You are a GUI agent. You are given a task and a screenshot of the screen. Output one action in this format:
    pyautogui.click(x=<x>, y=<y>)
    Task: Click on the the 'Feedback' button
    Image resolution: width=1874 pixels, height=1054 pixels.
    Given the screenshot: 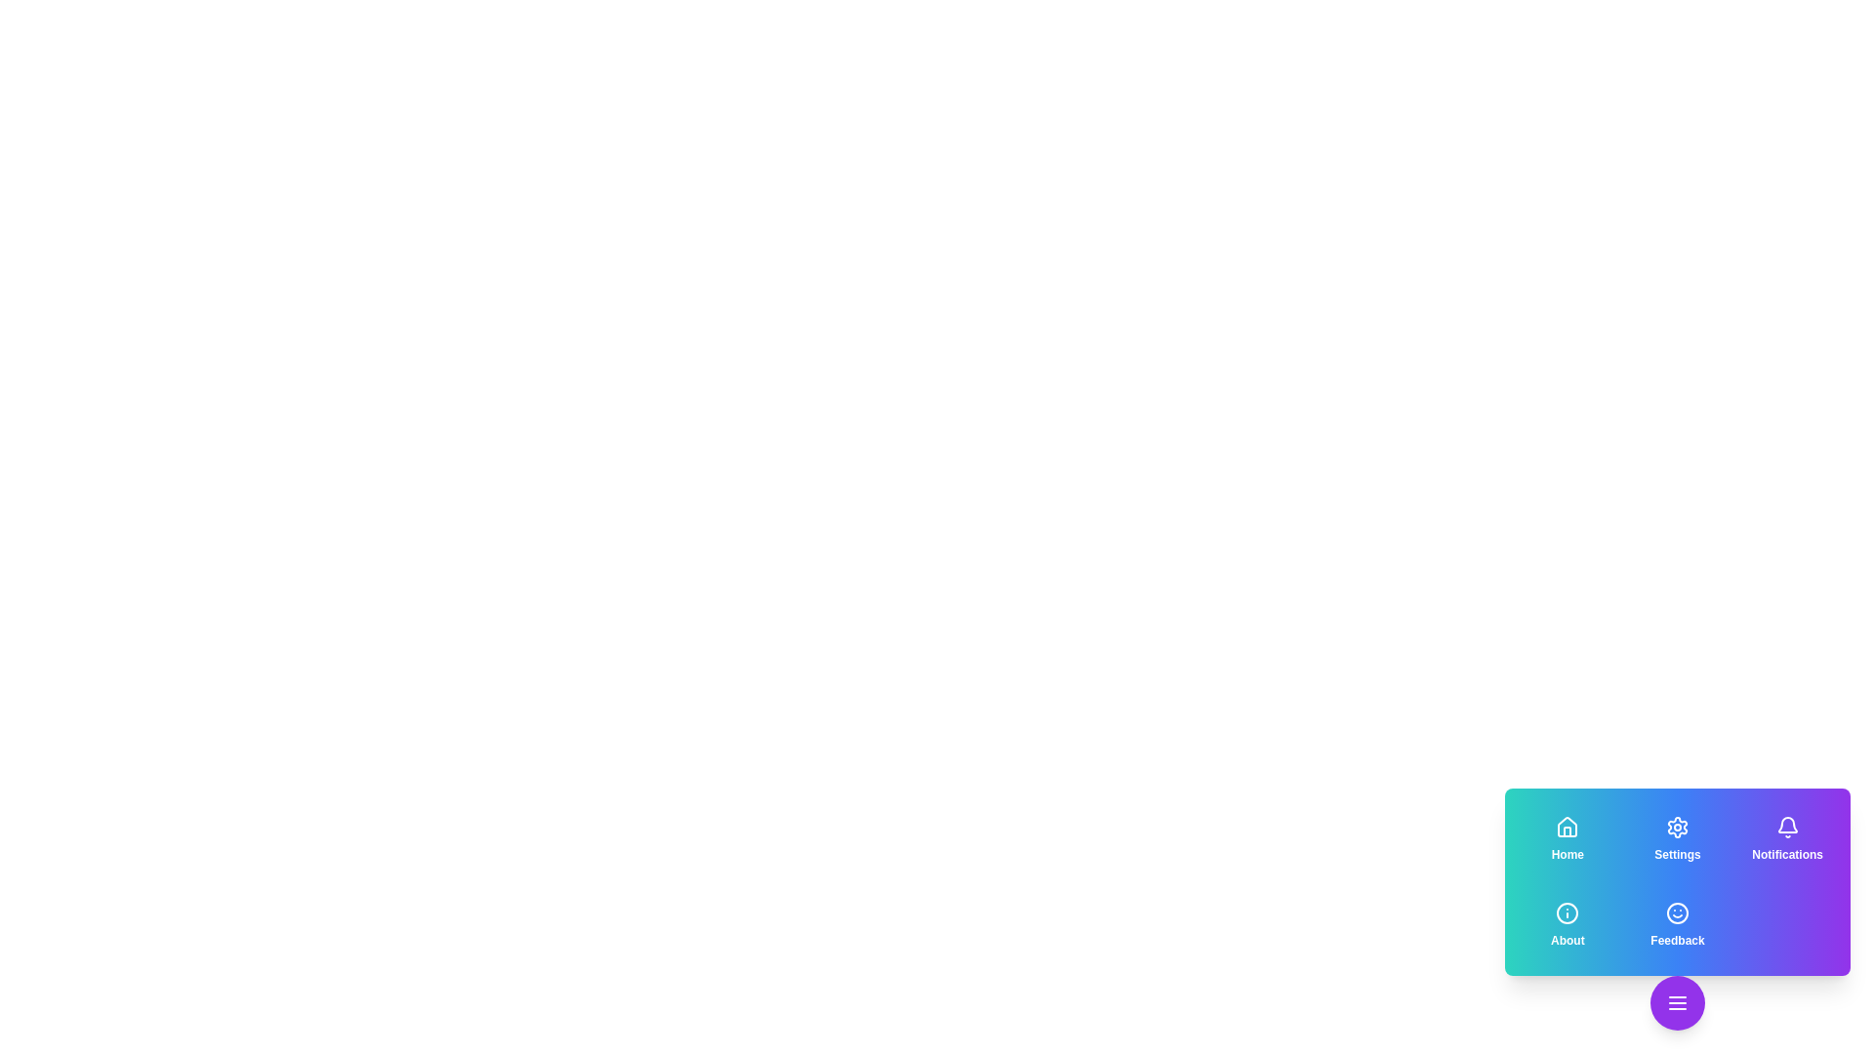 What is the action you would take?
    pyautogui.click(x=1676, y=924)
    